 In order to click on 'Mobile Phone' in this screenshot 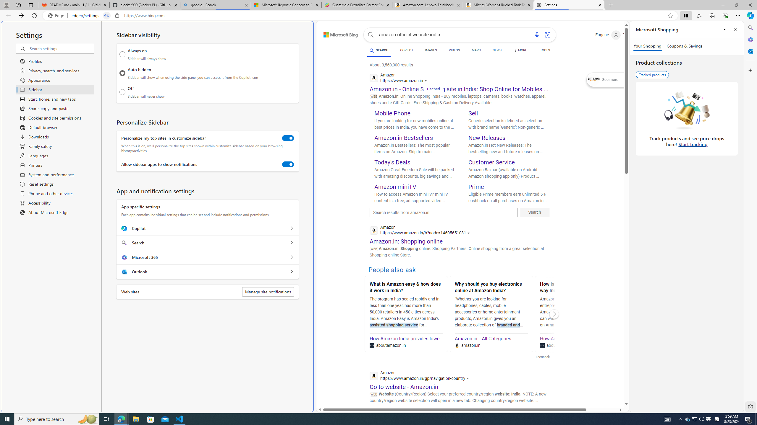, I will do `click(393, 113)`.